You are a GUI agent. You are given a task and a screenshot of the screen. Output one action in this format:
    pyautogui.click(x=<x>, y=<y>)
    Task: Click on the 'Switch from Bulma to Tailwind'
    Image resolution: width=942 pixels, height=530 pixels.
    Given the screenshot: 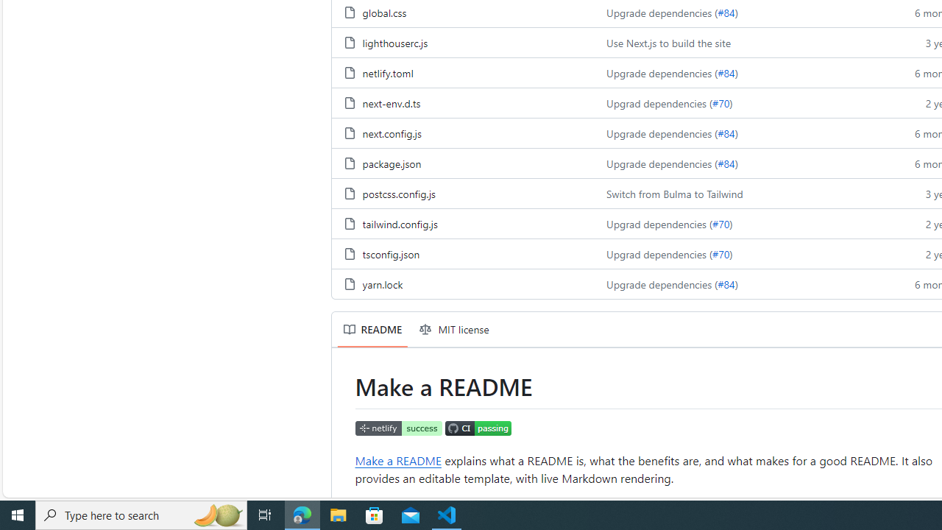 What is the action you would take?
    pyautogui.click(x=674, y=192)
    